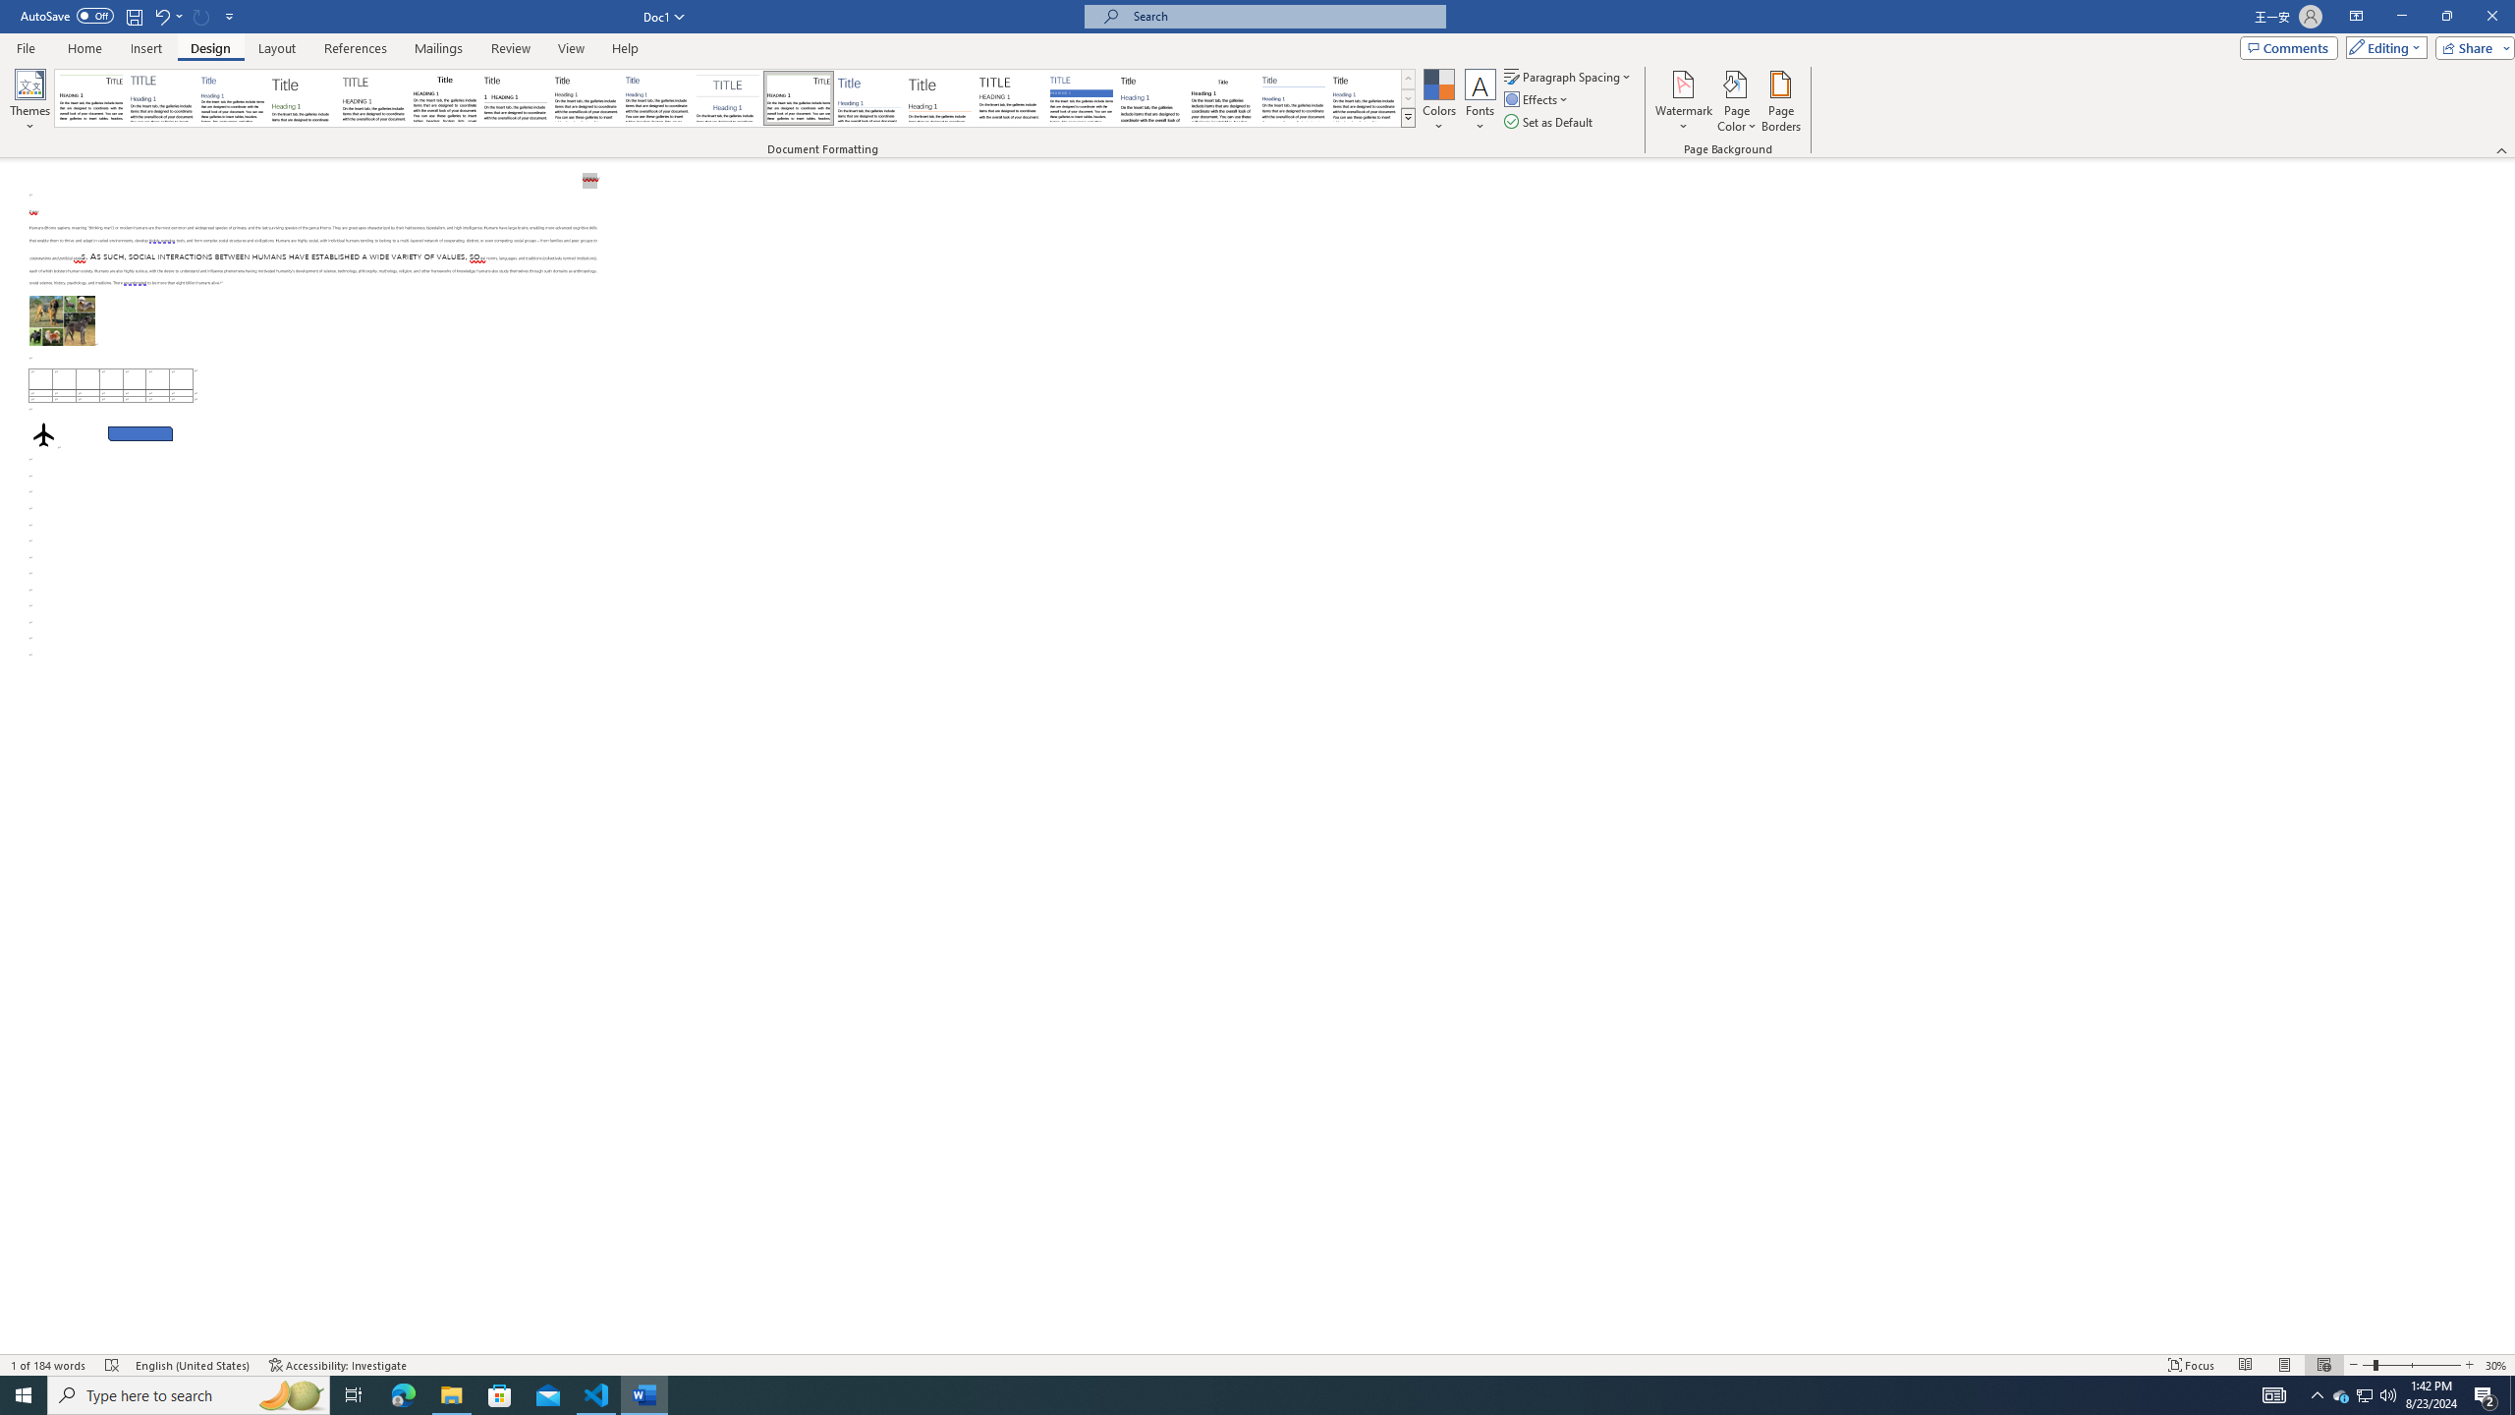 Image resolution: width=2515 pixels, height=1415 pixels. Describe the element at coordinates (1293, 97) in the screenshot. I see `'Word 2010'` at that location.